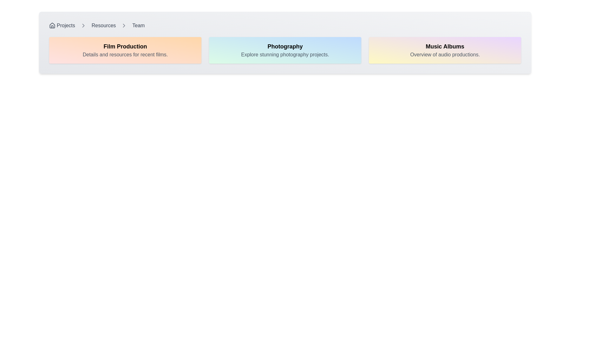 The image size is (609, 342). What do you see at coordinates (285, 50) in the screenshot?
I see `the second card in the grid layout titled 'Photography', which is centrally located between the 'Film Production' and 'Music Albums' cards` at bounding box center [285, 50].